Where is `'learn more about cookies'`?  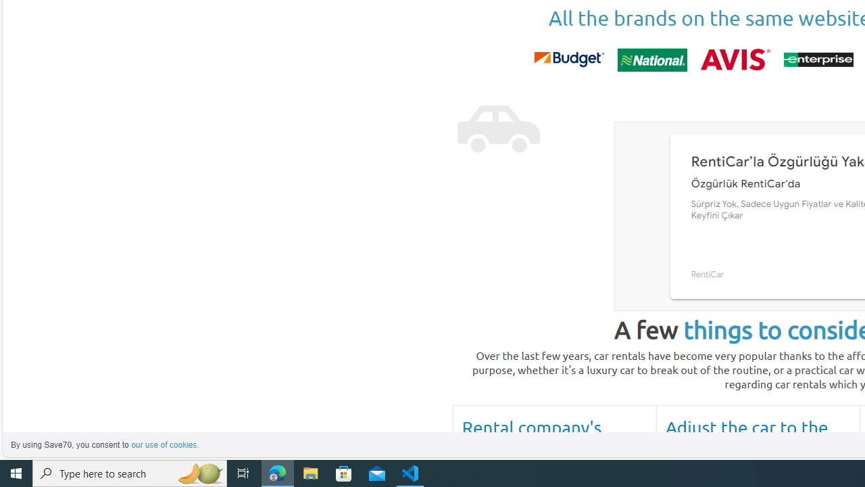
'learn more about cookies' is located at coordinates (164, 444).